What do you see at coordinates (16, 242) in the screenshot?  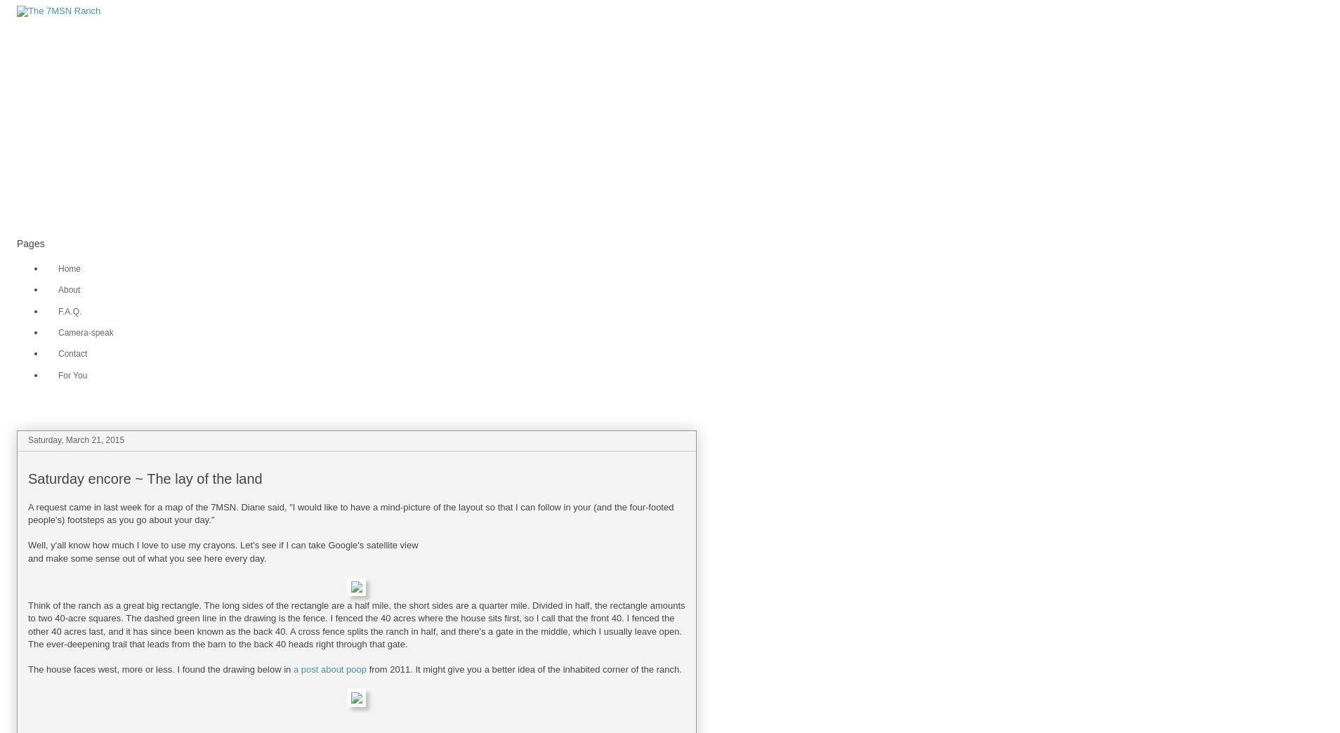 I see `'Pages'` at bounding box center [16, 242].